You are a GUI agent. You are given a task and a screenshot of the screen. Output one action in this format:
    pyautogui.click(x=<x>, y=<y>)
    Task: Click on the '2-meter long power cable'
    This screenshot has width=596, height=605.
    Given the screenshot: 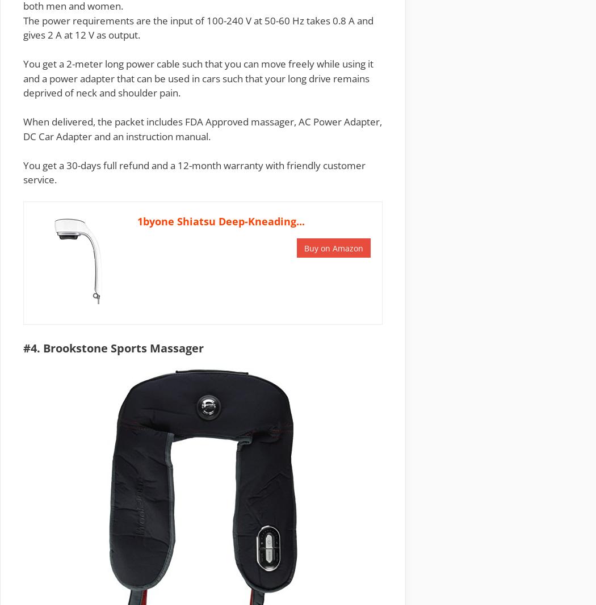 What is the action you would take?
    pyautogui.click(x=123, y=63)
    